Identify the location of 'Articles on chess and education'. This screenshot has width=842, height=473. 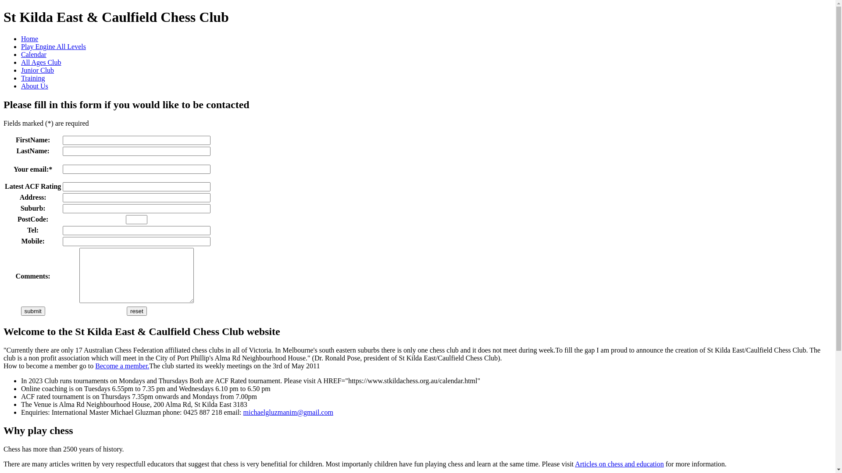
(619, 463).